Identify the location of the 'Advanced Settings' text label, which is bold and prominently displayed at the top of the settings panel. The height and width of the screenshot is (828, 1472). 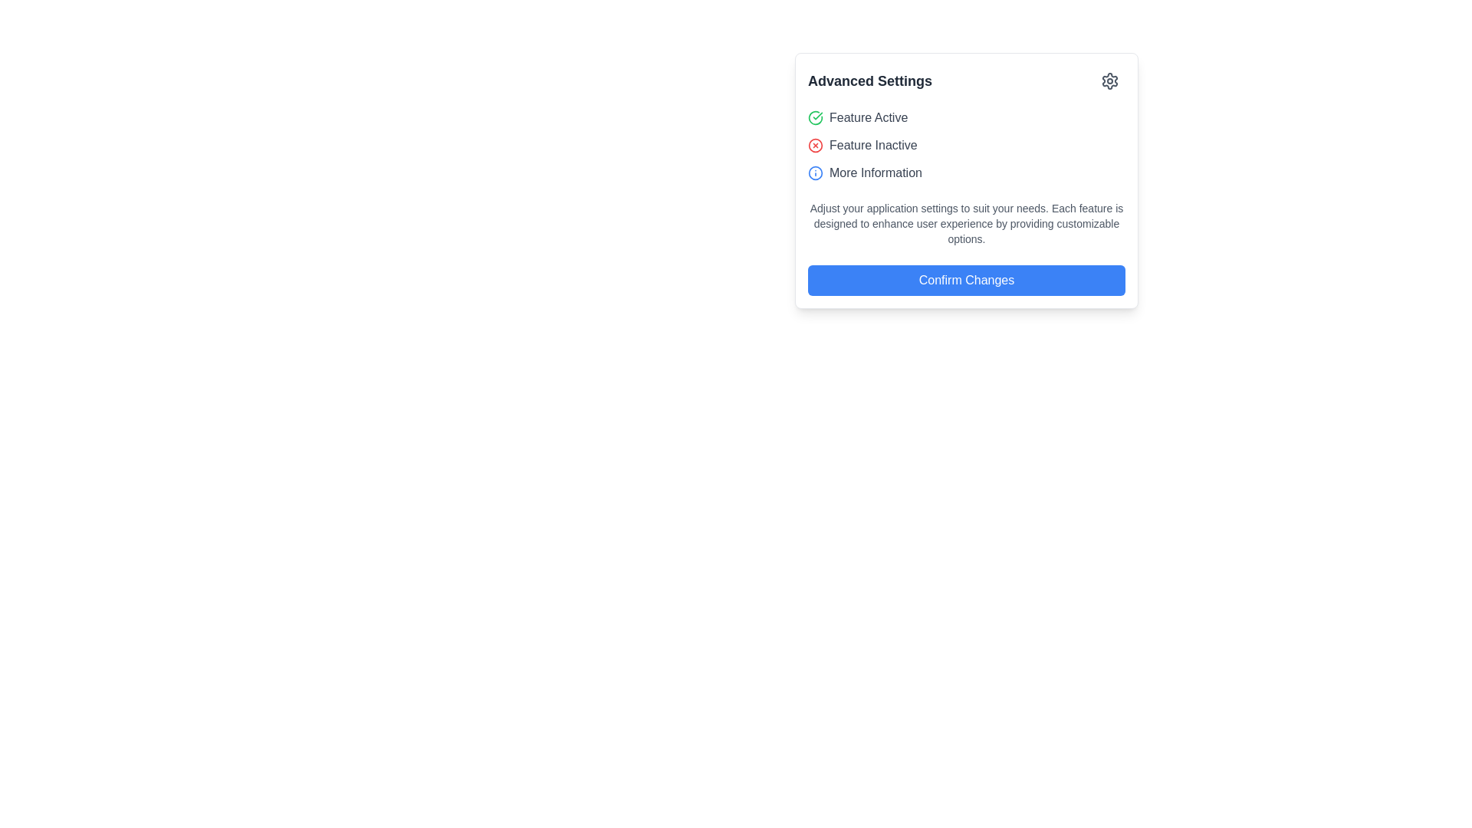
(870, 80).